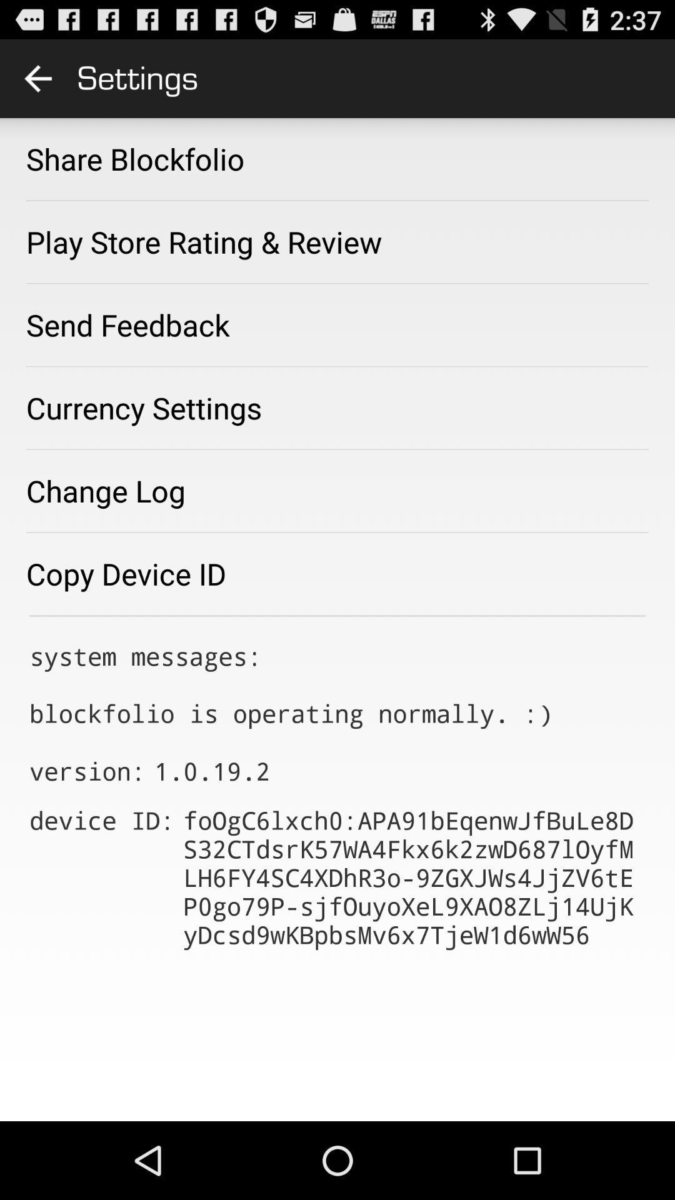  I want to click on the app next to version: icon, so click(211, 770).